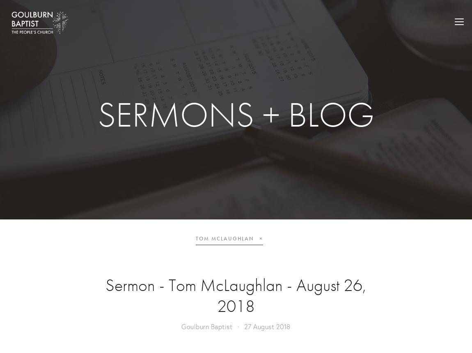  Describe the element at coordinates (403, 43) in the screenshot. I see `'JOB OPENINGS'` at that location.